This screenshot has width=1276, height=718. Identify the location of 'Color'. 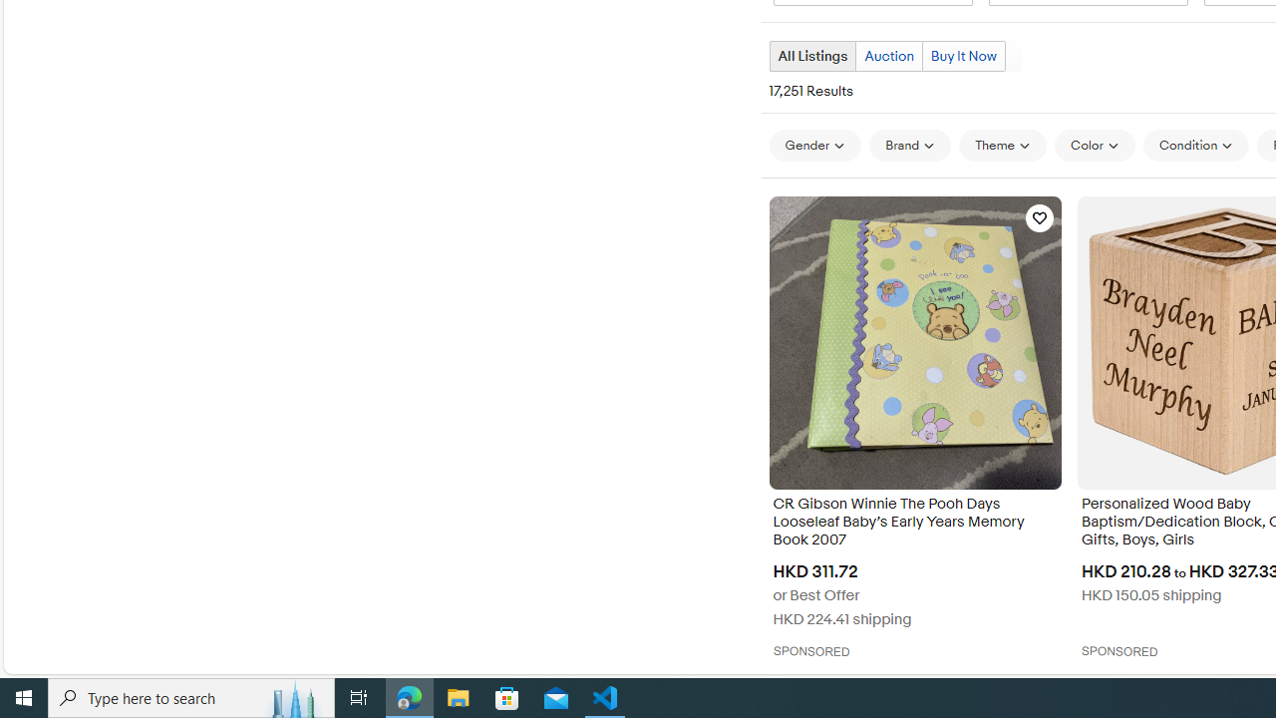
(1094, 145).